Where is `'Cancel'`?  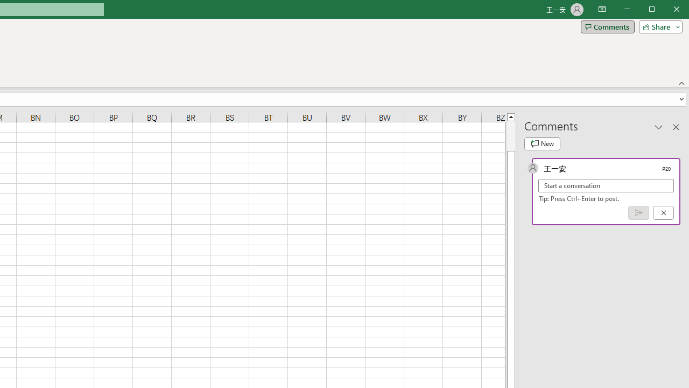 'Cancel' is located at coordinates (663, 213).